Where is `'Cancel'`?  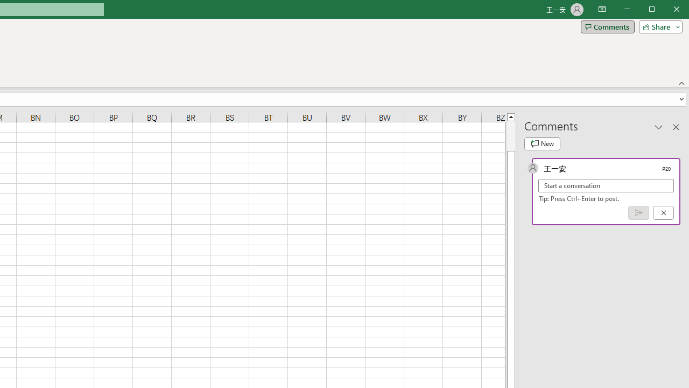 'Cancel' is located at coordinates (663, 213).